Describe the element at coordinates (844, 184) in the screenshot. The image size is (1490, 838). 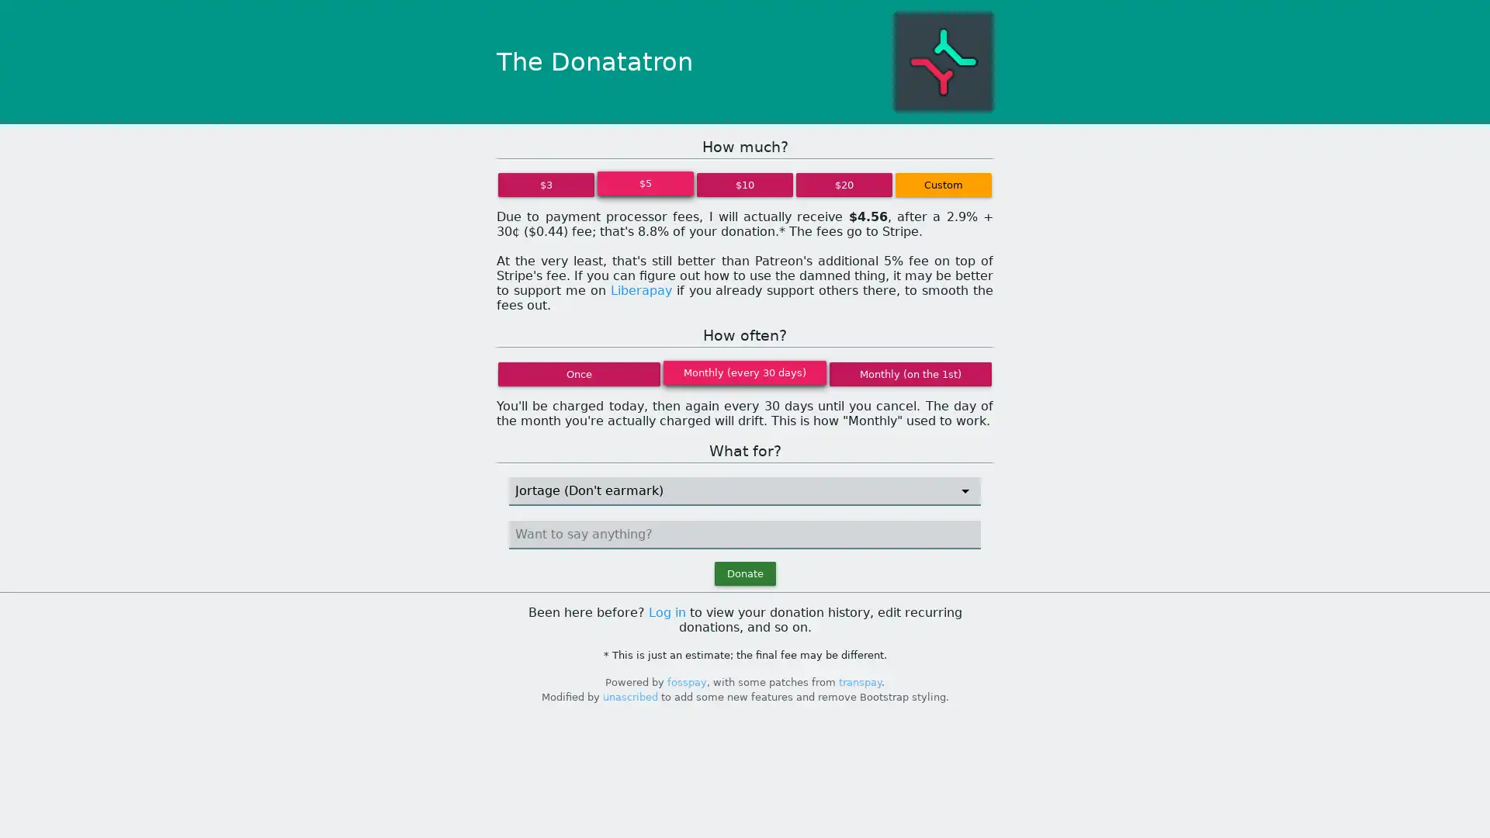
I see `$20` at that location.